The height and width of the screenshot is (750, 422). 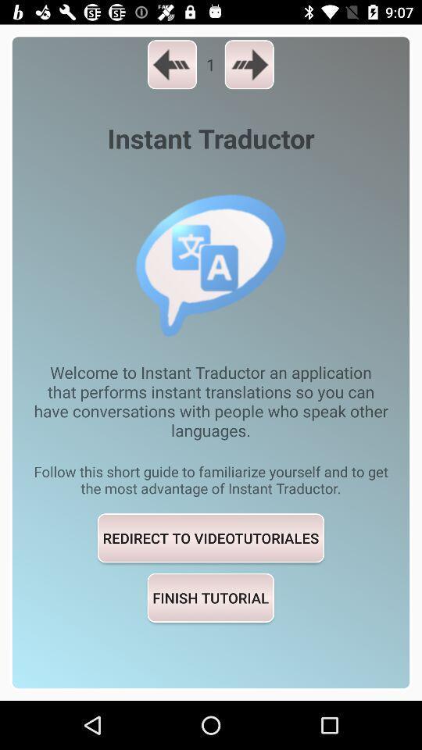 What do you see at coordinates (210, 597) in the screenshot?
I see `icon below the redirect to videotutoriales item` at bounding box center [210, 597].